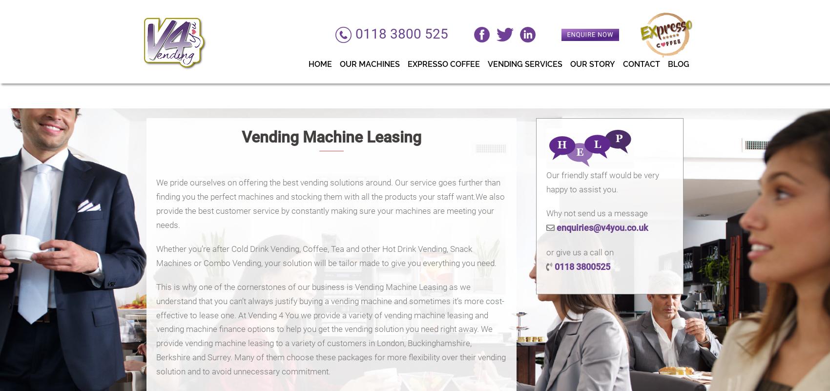 This screenshot has width=830, height=391. What do you see at coordinates (546, 213) in the screenshot?
I see `'Why not send us a message'` at bounding box center [546, 213].